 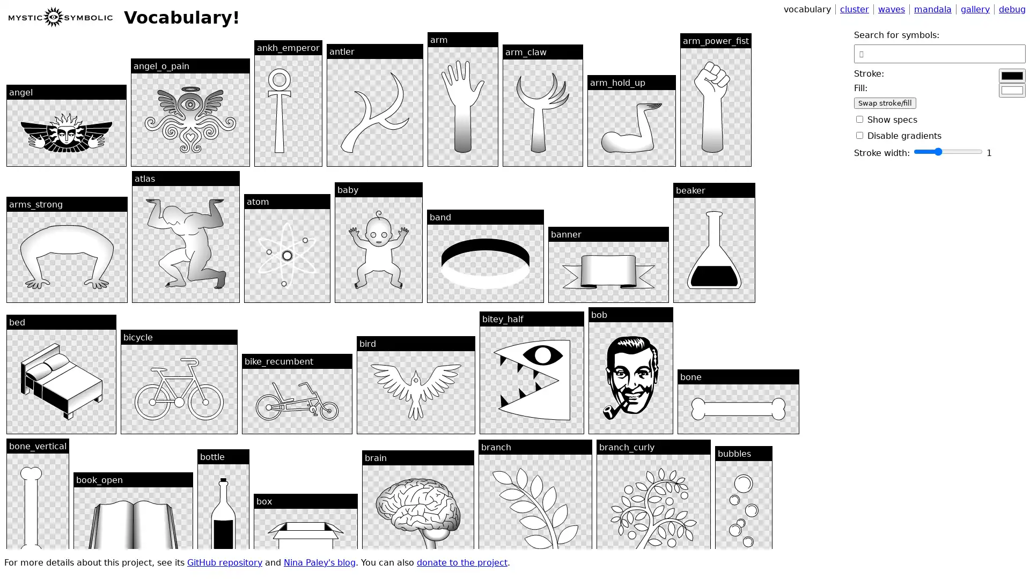 I want to click on Swap stroke/fill, so click(x=885, y=103).